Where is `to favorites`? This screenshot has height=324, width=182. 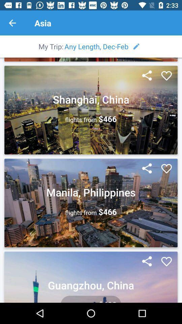 to favorites is located at coordinates (166, 168).